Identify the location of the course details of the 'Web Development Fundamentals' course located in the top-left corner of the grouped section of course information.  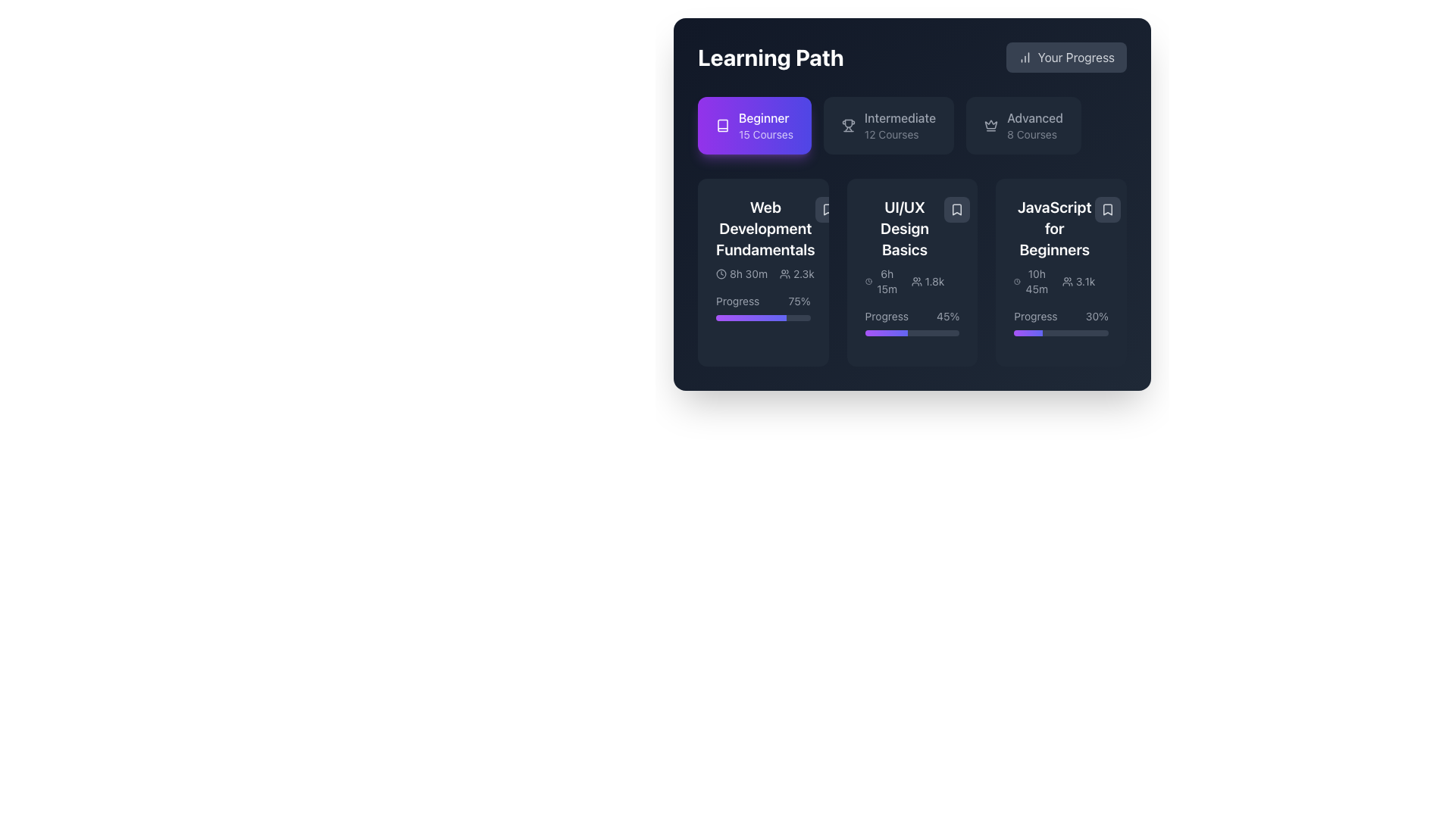
(765, 239).